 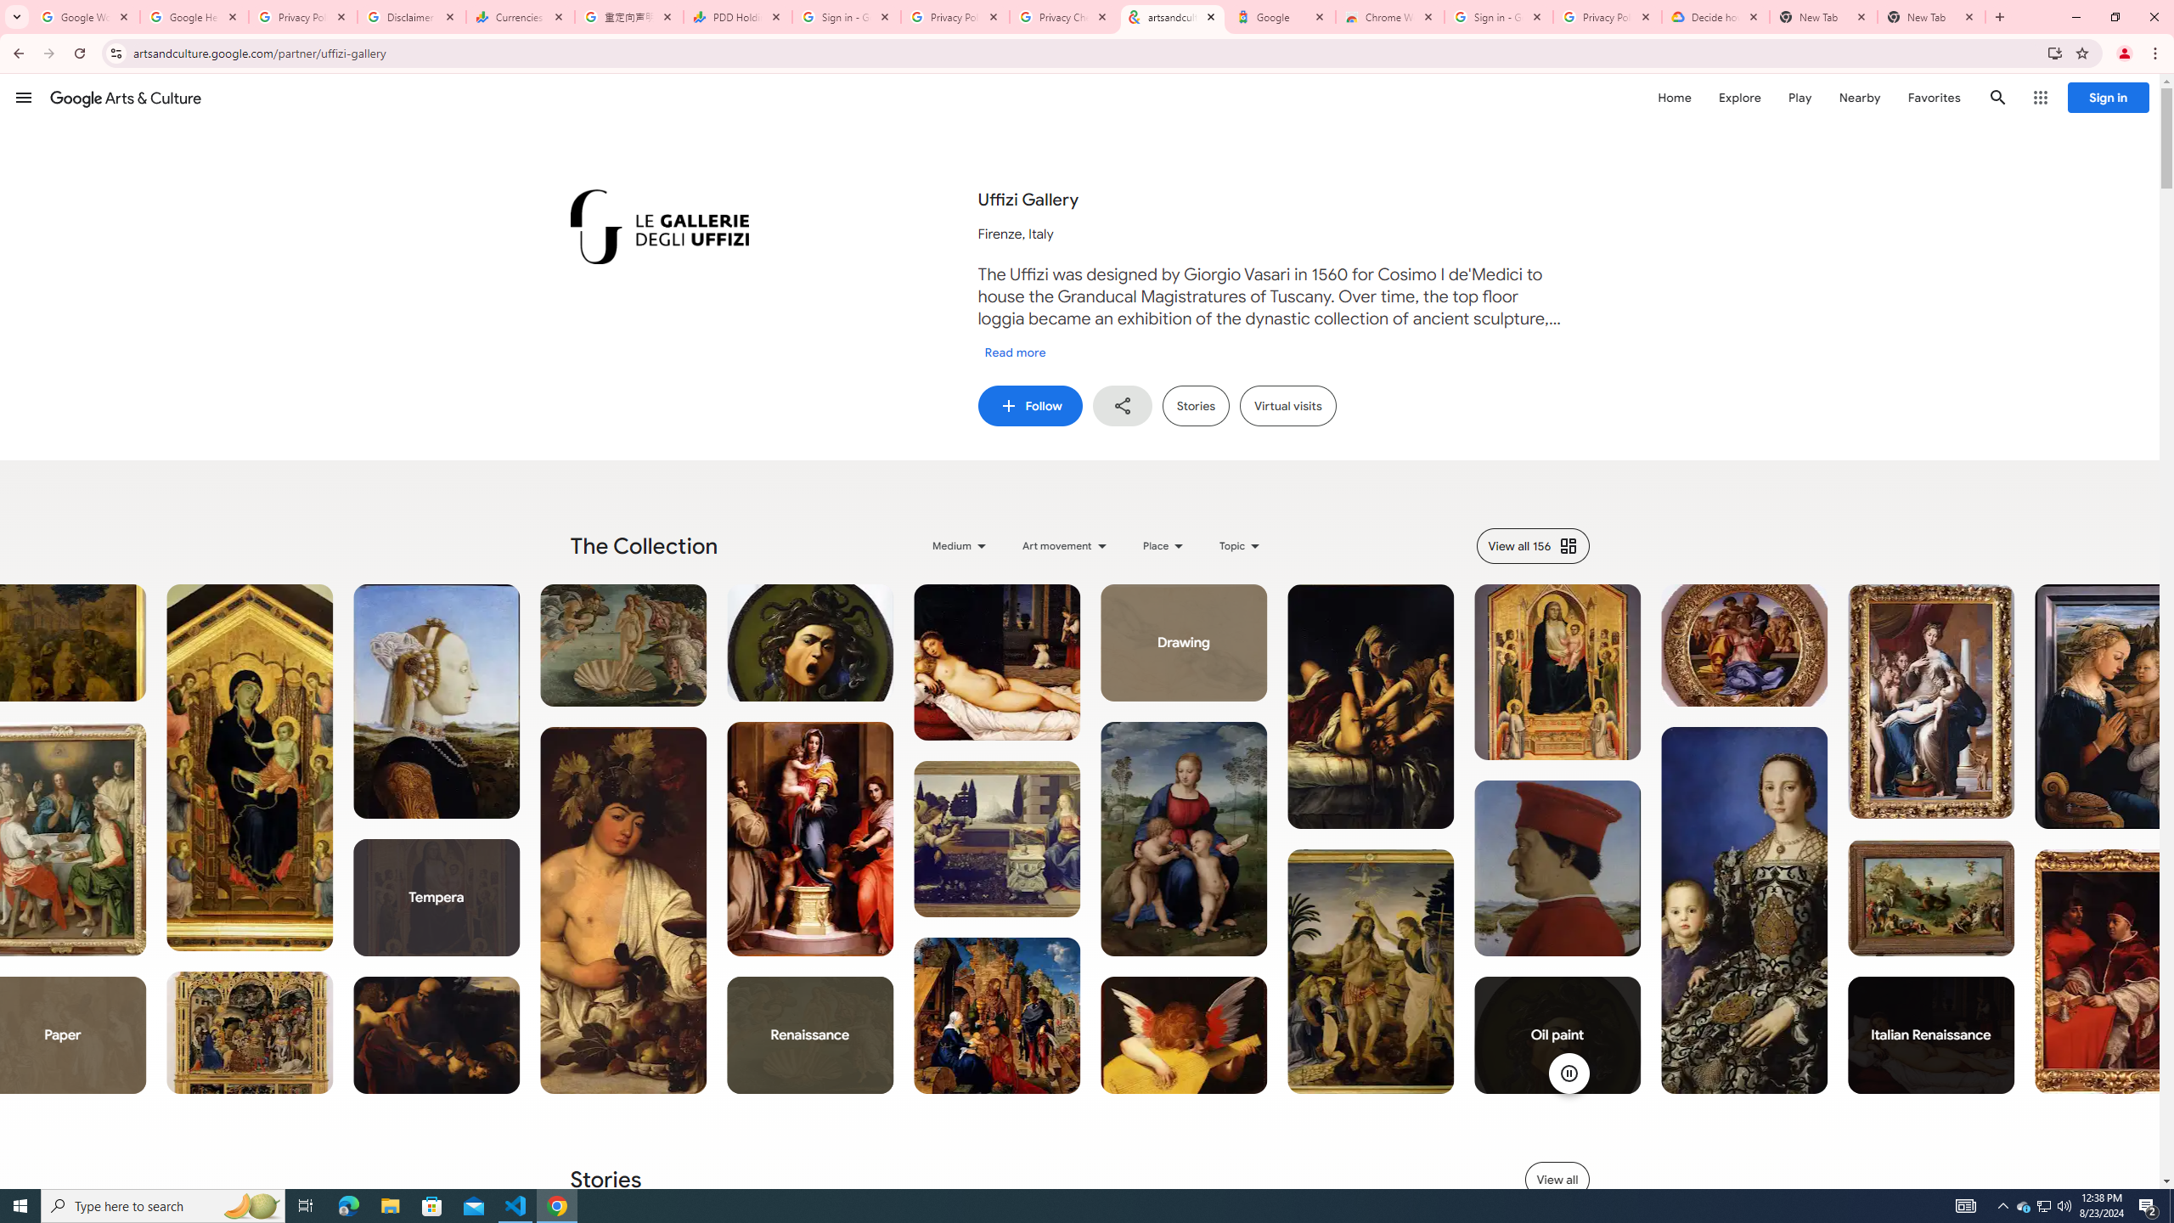 What do you see at coordinates (1066, 545) in the screenshot?
I see `'Art movement'` at bounding box center [1066, 545].